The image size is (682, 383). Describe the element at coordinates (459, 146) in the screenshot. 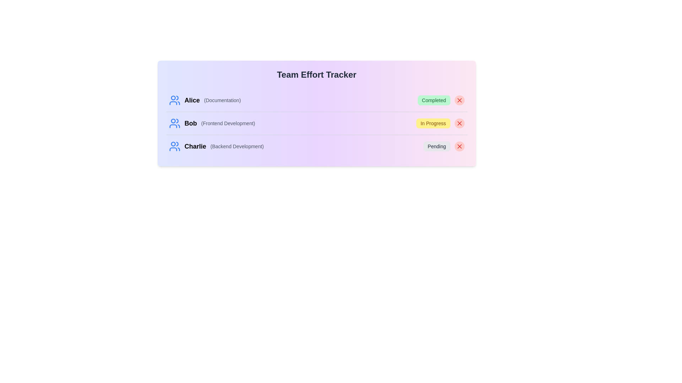

I see `'Remove Member' button for the team member Charlie` at that location.